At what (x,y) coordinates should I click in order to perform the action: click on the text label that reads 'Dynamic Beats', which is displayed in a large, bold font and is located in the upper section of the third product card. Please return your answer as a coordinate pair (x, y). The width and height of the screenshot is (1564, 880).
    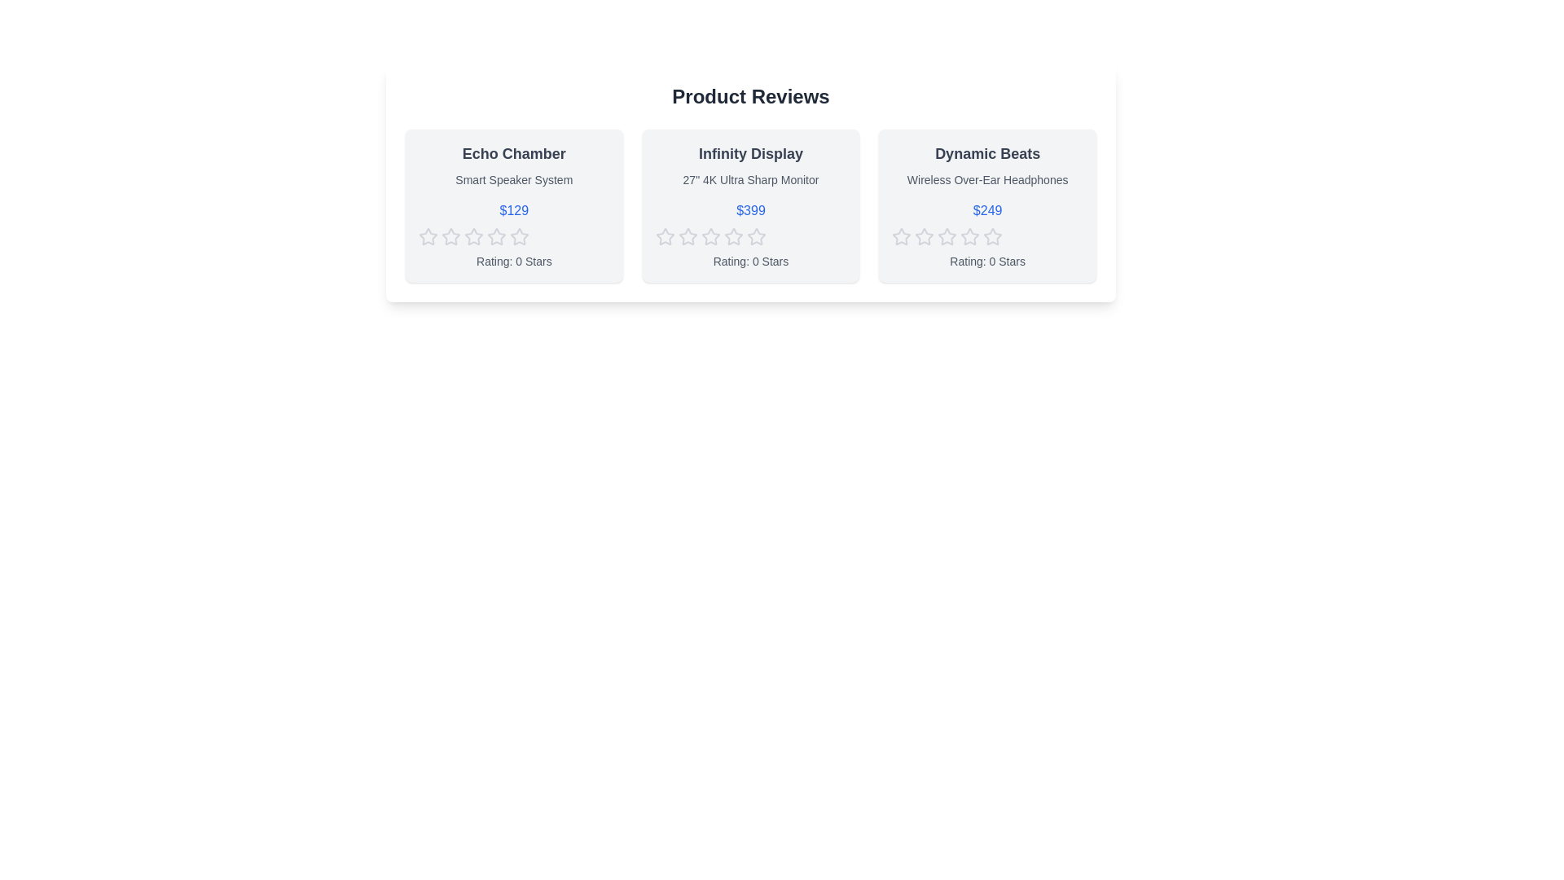
    Looking at the image, I should click on (986, 154).